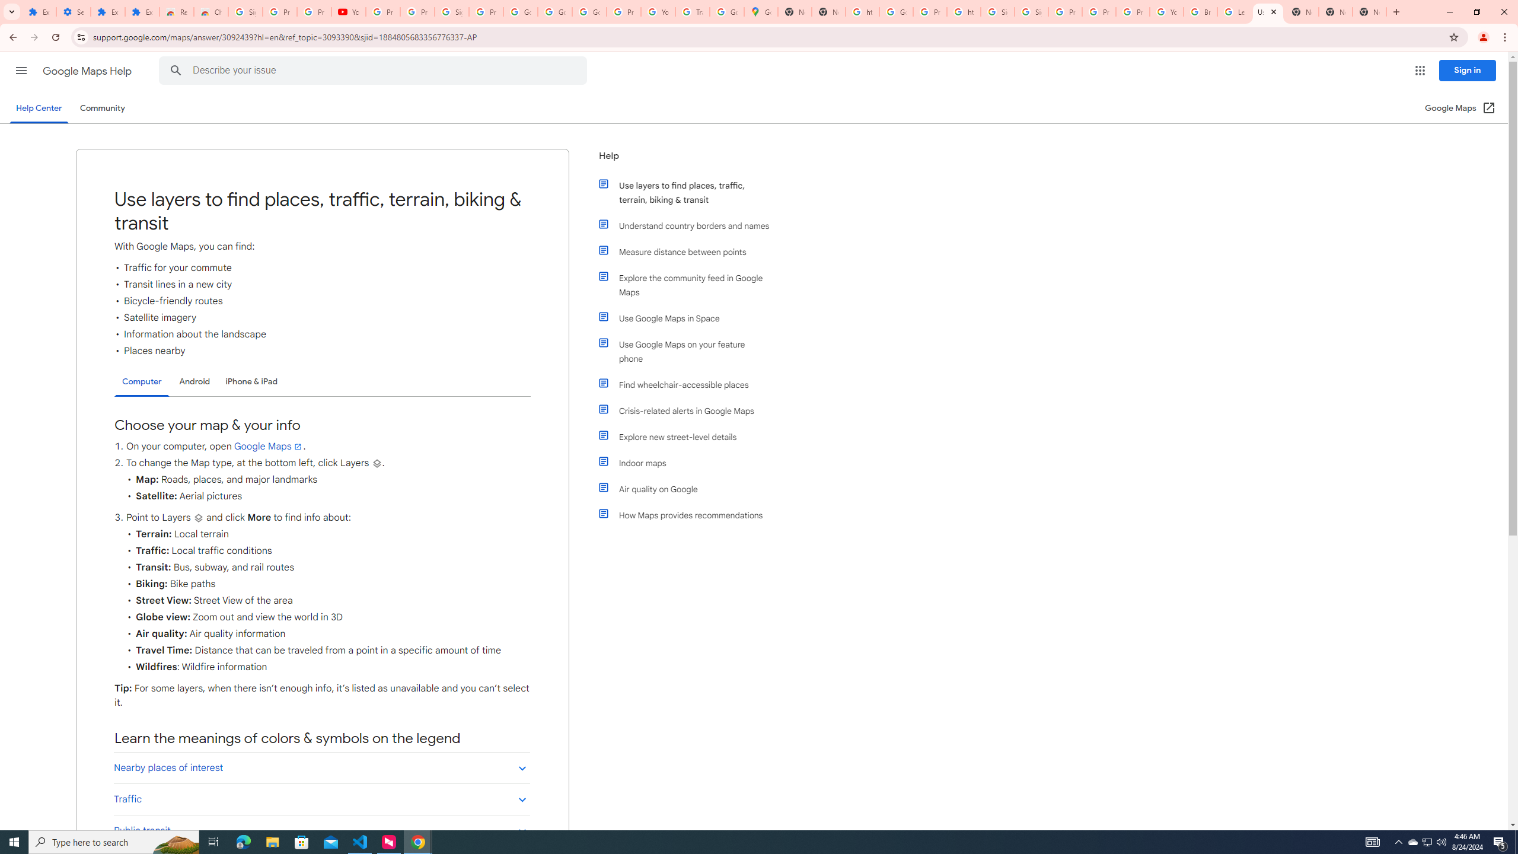  I want to click on 'Main menu', so click(20, 70).